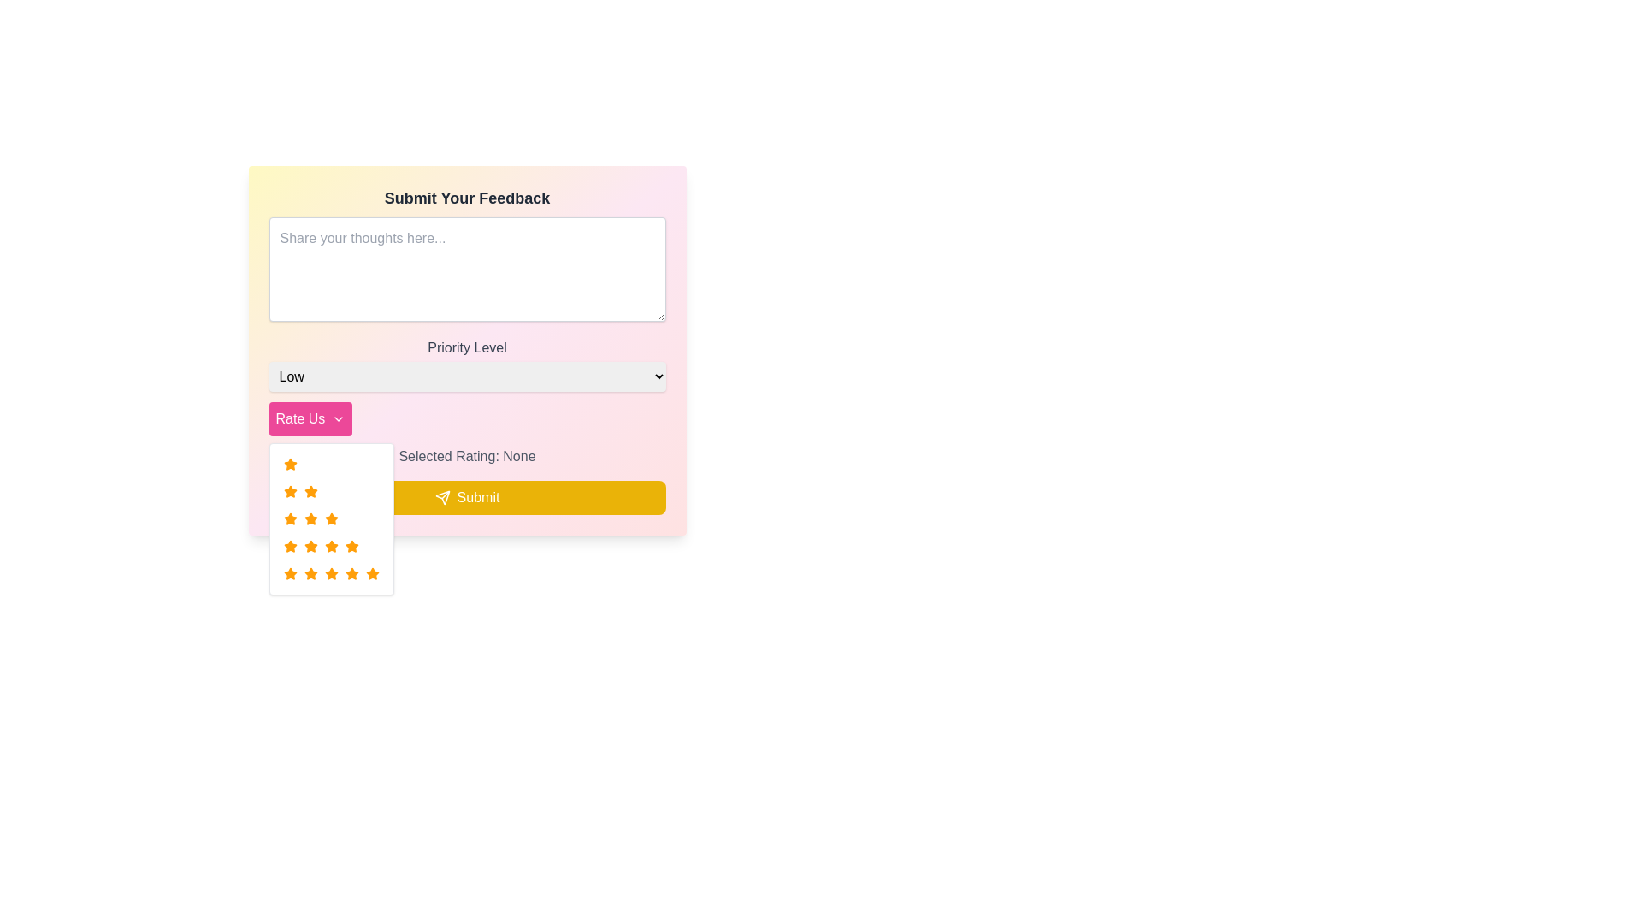 This screenshot has width=1642, height=924. I want to click on the rating selection button located below the 'Priority Level' dropdown and above the 'Selected Rating: None' text, so click(310, 418).